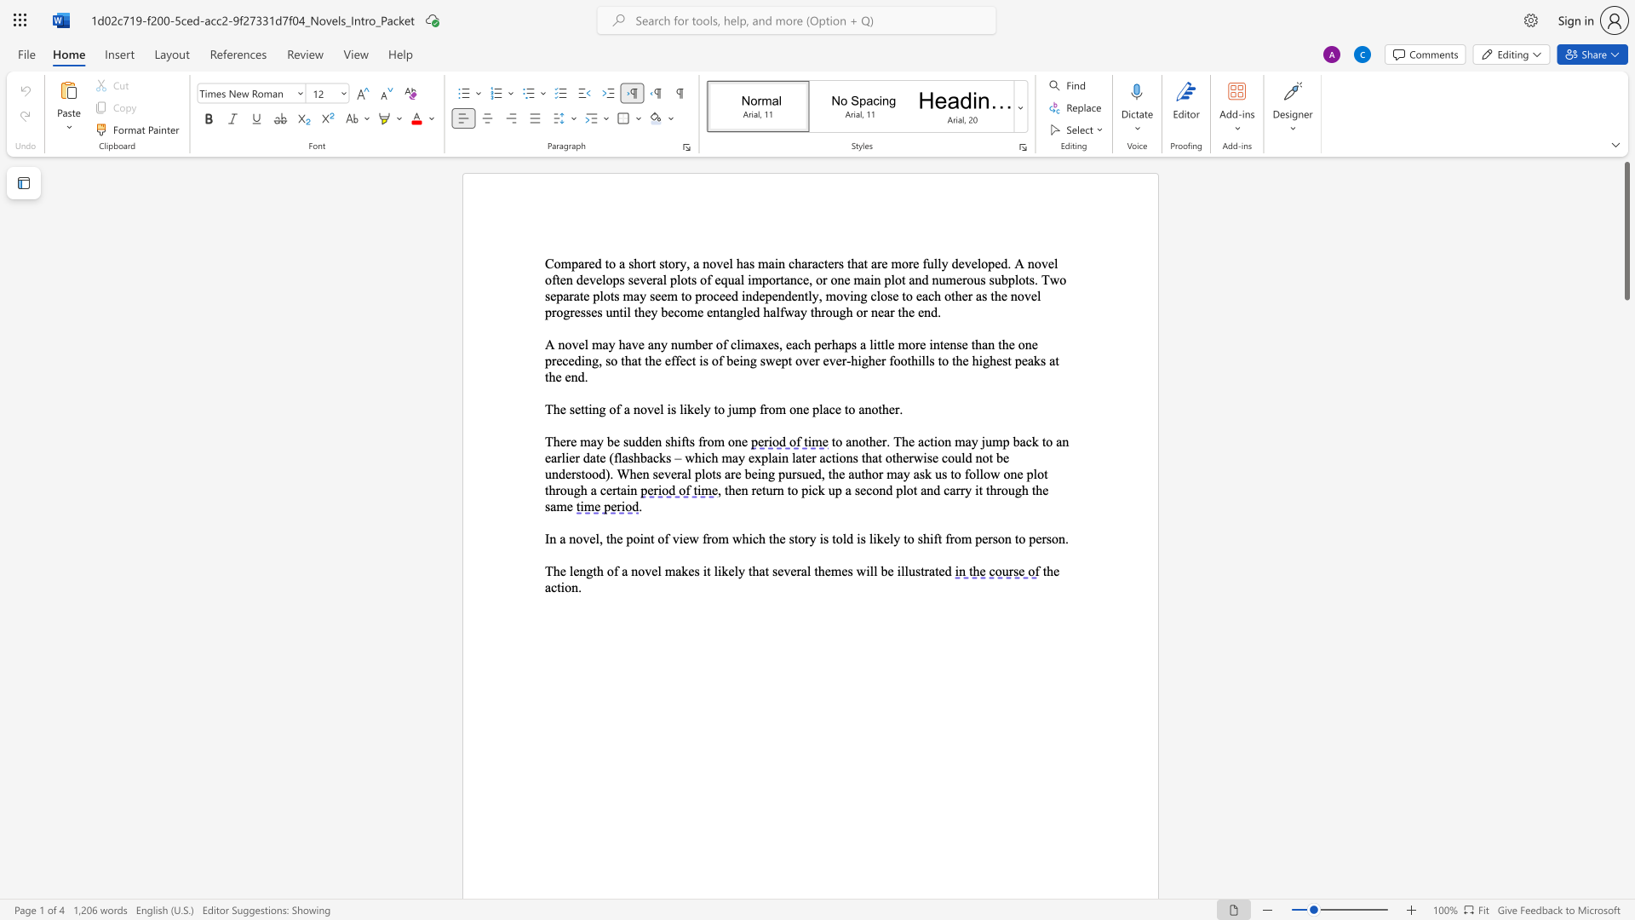  What do you see at coordinates (944, 571) in the screenshot?
I see `the space between the continuous character "e" and "d" in the text` at bounding box center [944, 571].